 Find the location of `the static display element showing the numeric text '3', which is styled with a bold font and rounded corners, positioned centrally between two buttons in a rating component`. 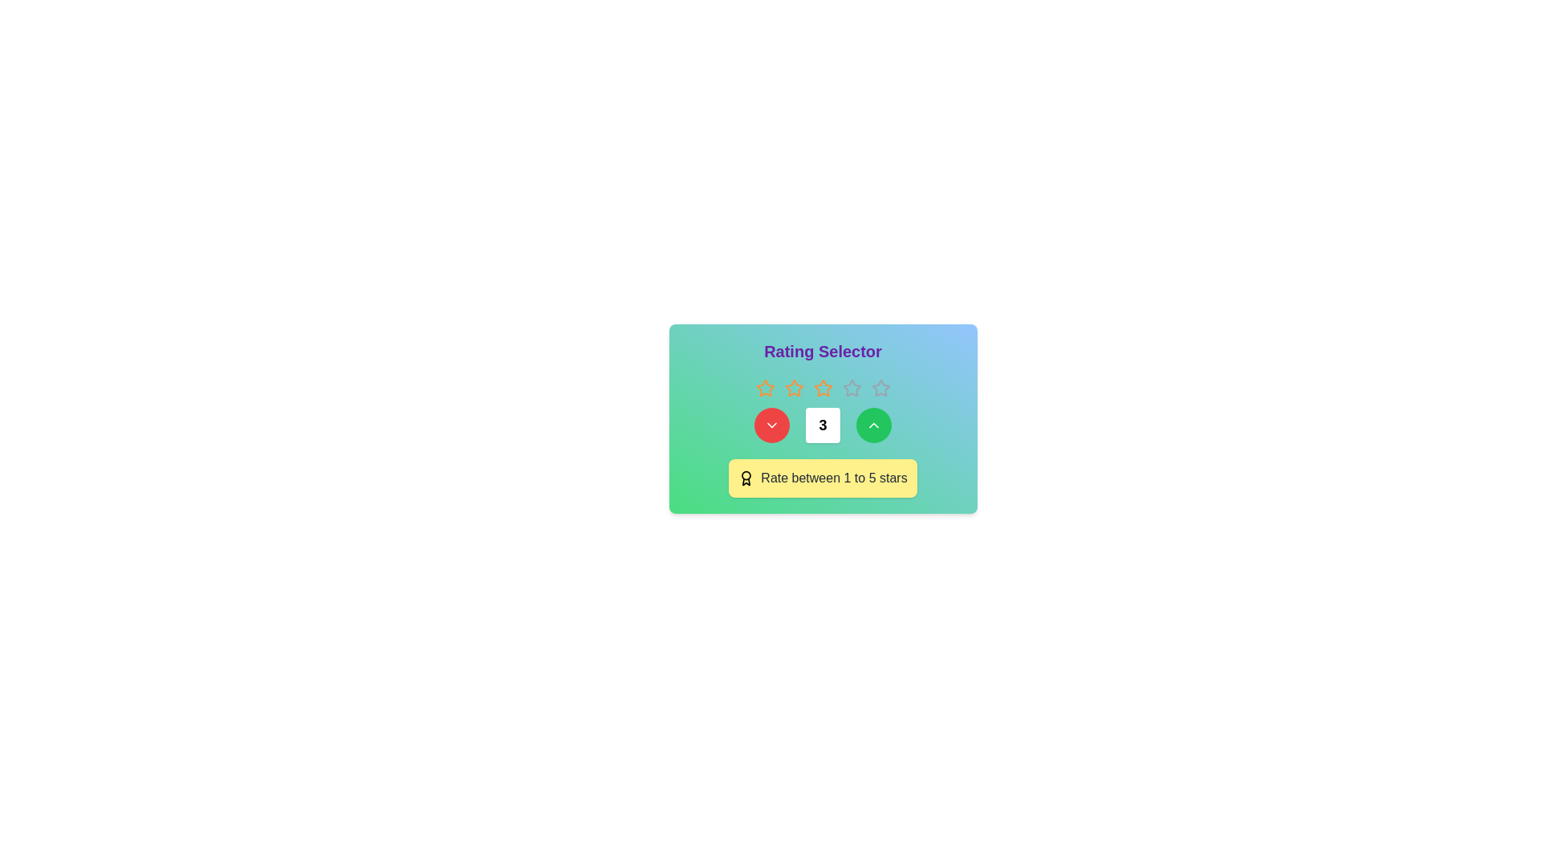

the static display element showing the numeric text '3', which is styled with a bold font and rounded corners, positioned centrally between two buttons in a rating component is located at coordinates (823, 424).